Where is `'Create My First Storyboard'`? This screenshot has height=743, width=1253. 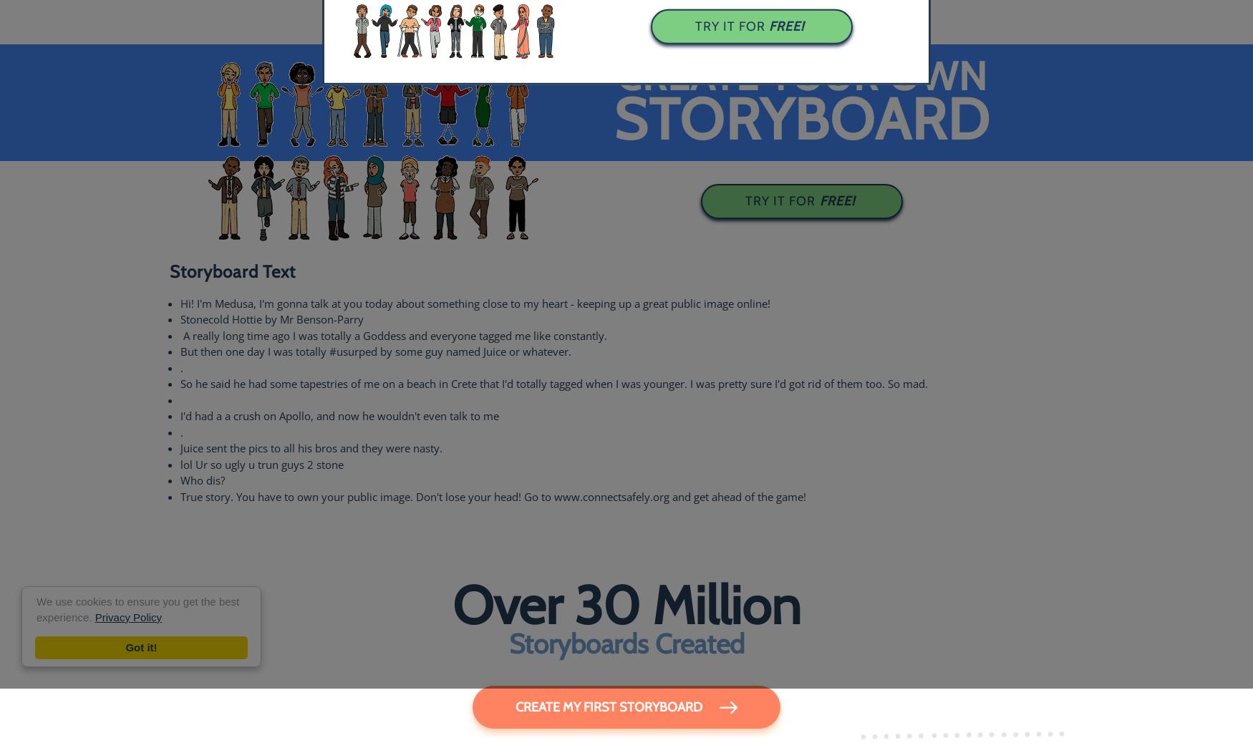 'Create My First Storyboard' is located at coordinates (610, 706).